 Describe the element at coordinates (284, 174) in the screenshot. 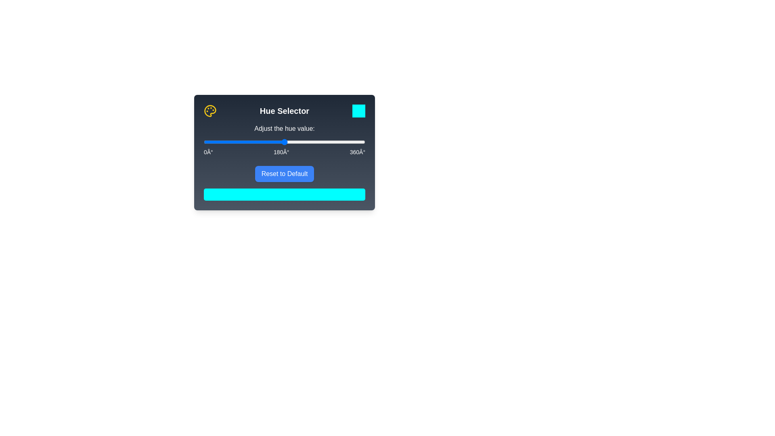

I see `'Reset to Default' button to restore the hue to its default value` at that location.